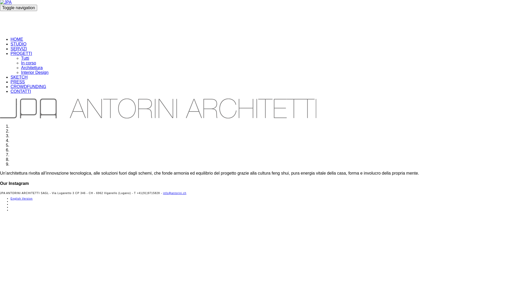  What do you see at coordinates (19, 77) in the screenshot?
I see `'SKETCH'` at bounding box center [19, 77].